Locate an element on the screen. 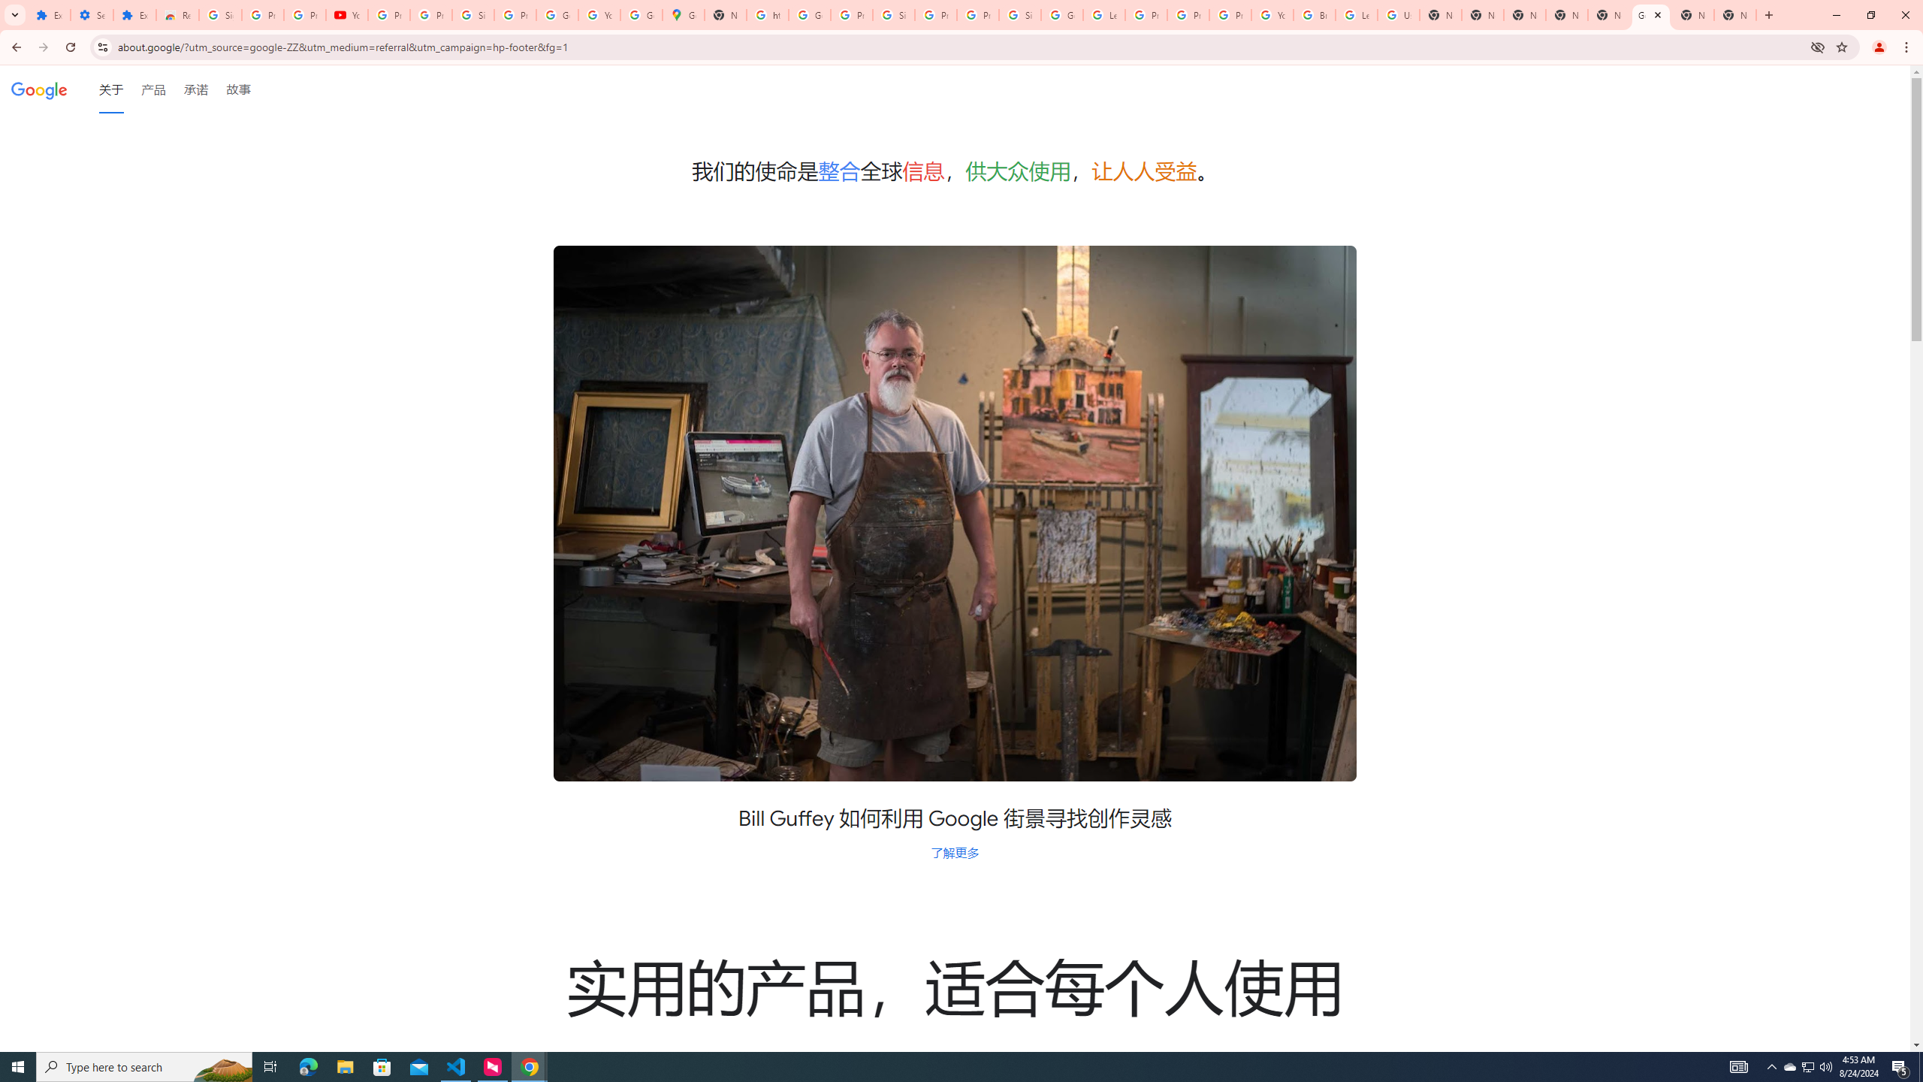 This screenshot has width=1923, height=1082. 'YouTube' is located at coordinates (346, 14).